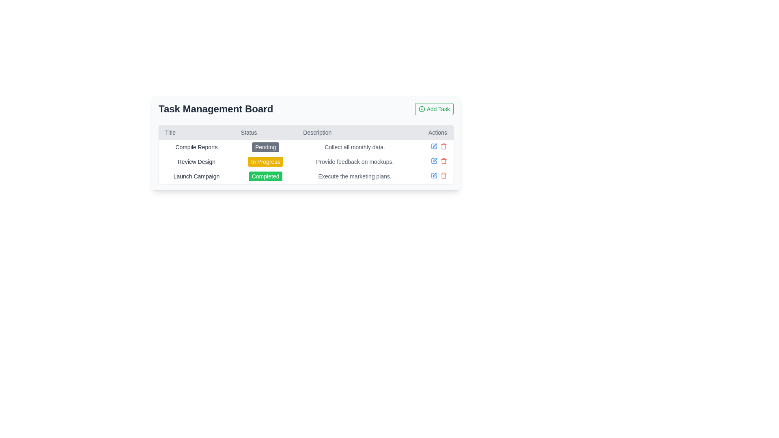 The width and height of the screenshot is (779, 438). Describe the element at coordinates (434, 145) in the screenshot. I see `the small pen icon in the 'Actions' column of the task management board under the 'Review Design' row` at that location.